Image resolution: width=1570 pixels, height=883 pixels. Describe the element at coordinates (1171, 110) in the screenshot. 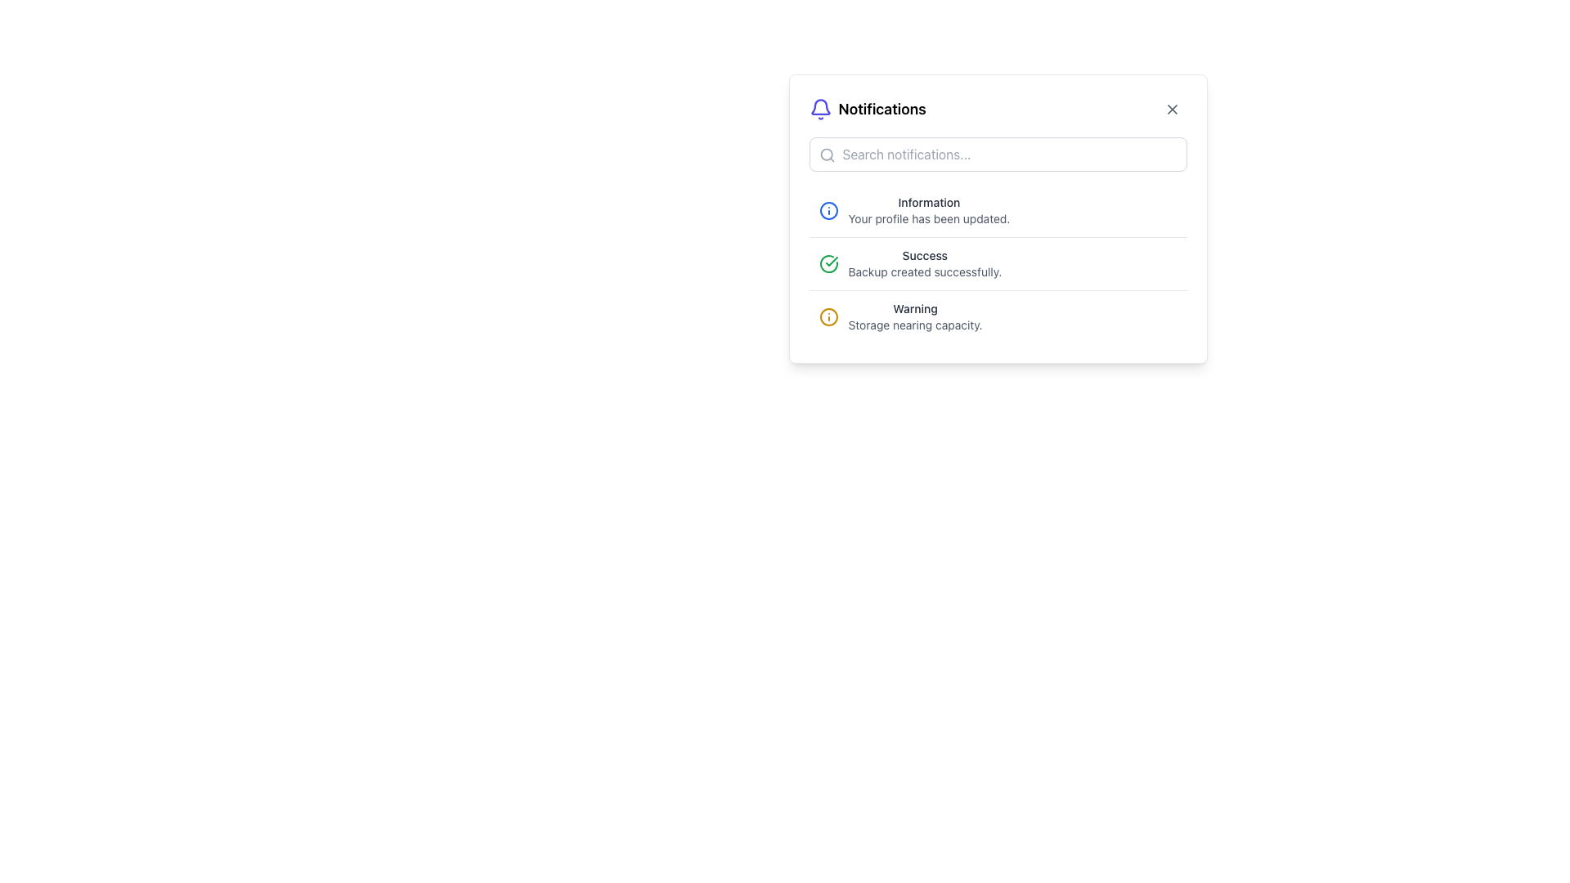

I see `the close button with an 'X' icon located at the top-right corner of the notification panel` at that location.